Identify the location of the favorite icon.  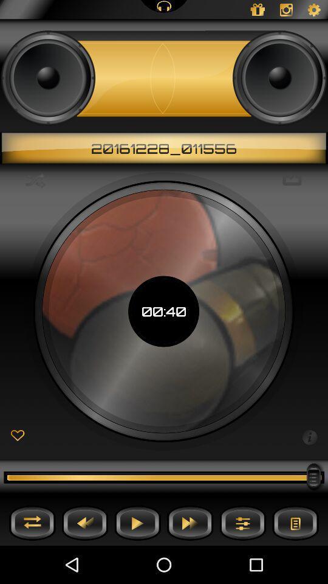
(17, 436).